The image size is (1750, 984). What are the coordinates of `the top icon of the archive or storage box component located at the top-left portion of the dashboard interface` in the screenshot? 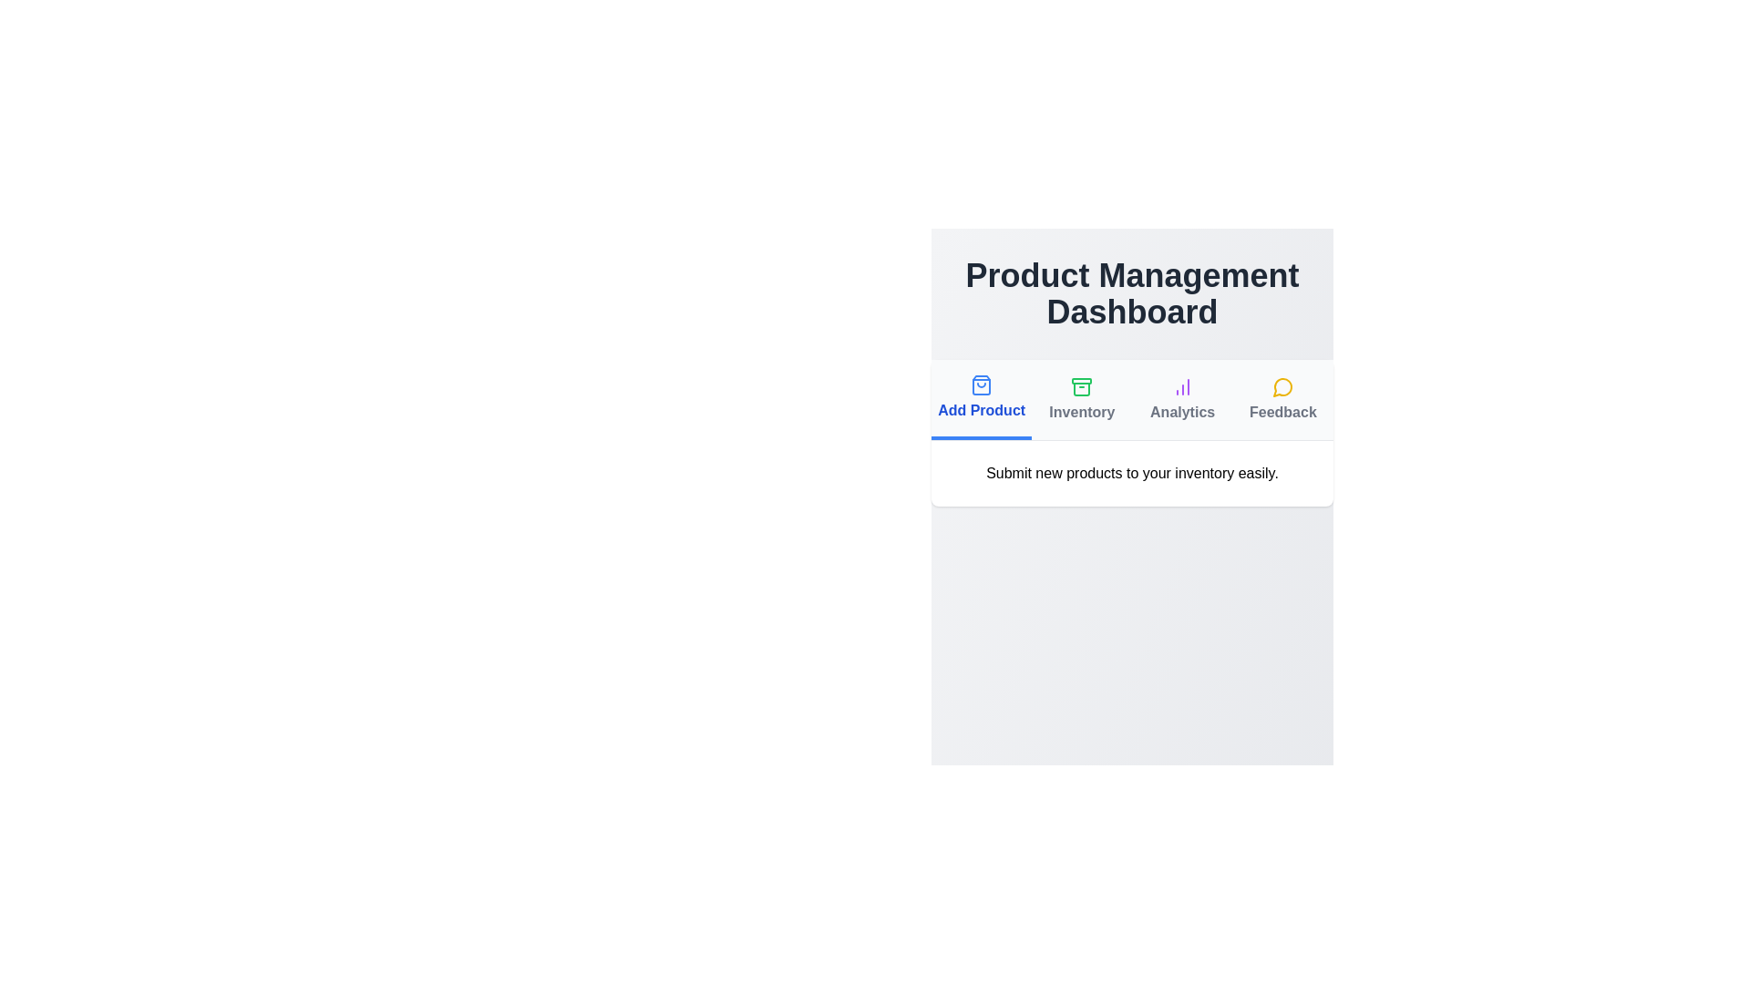 It's located at (1082, 380).